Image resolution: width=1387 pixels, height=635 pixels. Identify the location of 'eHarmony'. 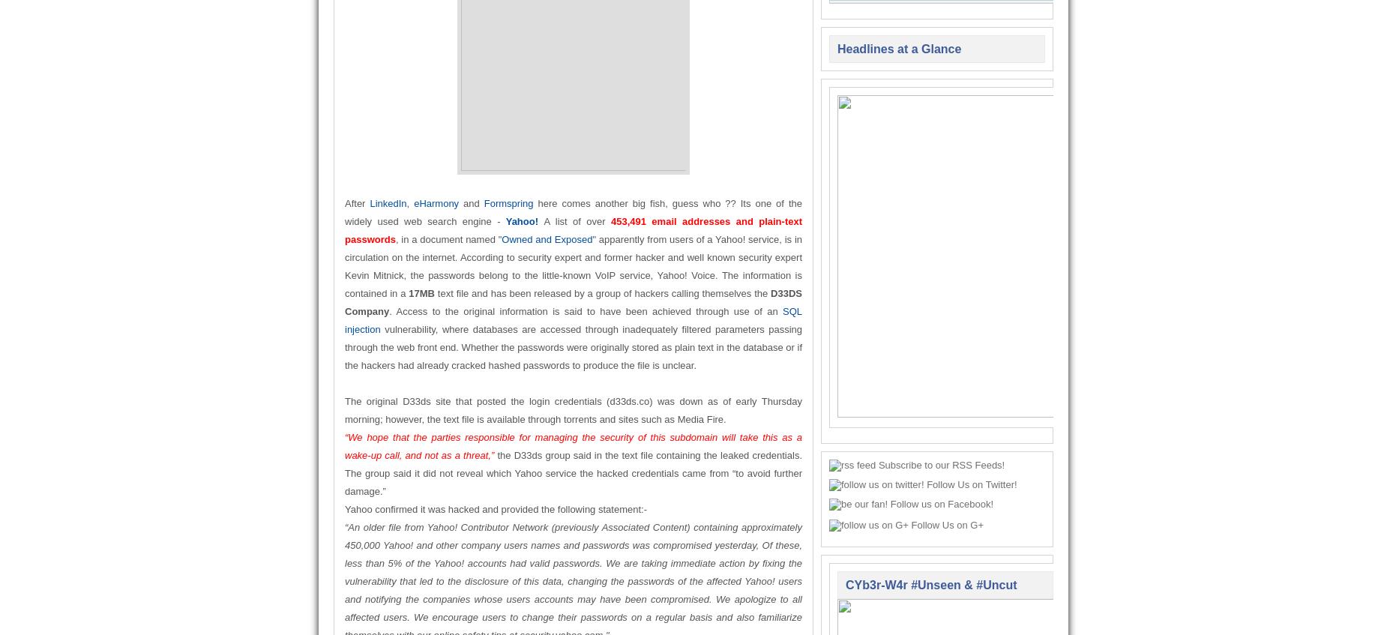
(436, 202).